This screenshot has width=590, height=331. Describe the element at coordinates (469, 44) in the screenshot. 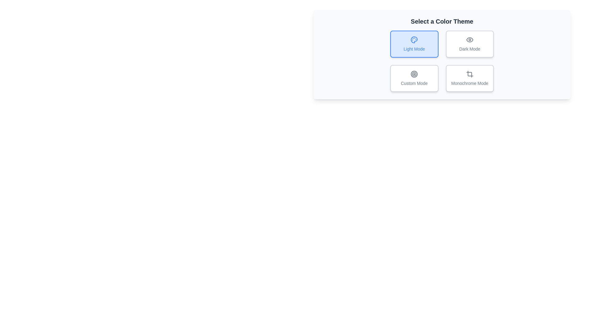

I see `the button corresponding to Dark Mode to observe visual feedback` at that location.